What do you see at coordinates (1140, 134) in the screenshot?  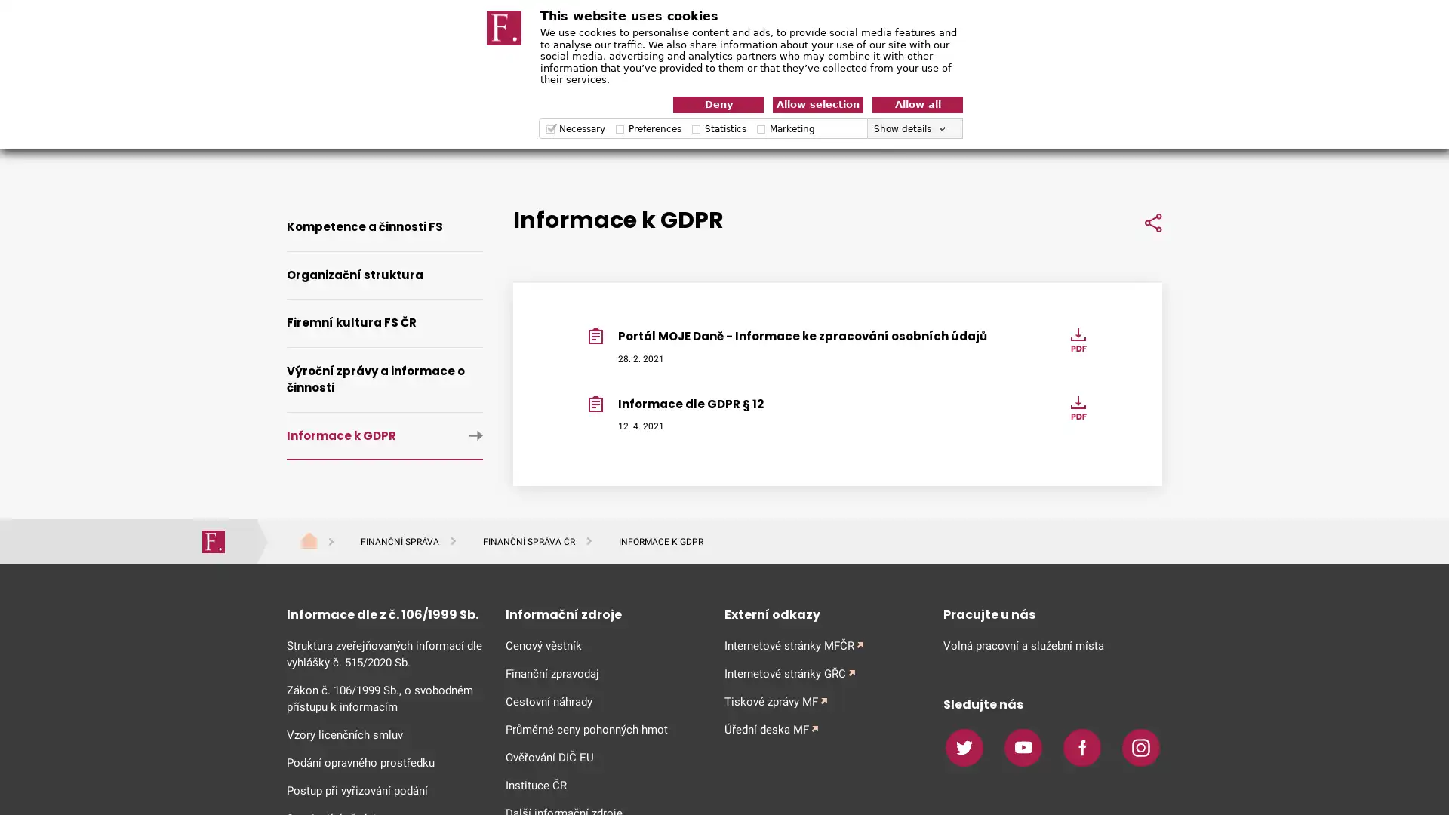 I see `Hledat` at bounding box center [1140, 134].